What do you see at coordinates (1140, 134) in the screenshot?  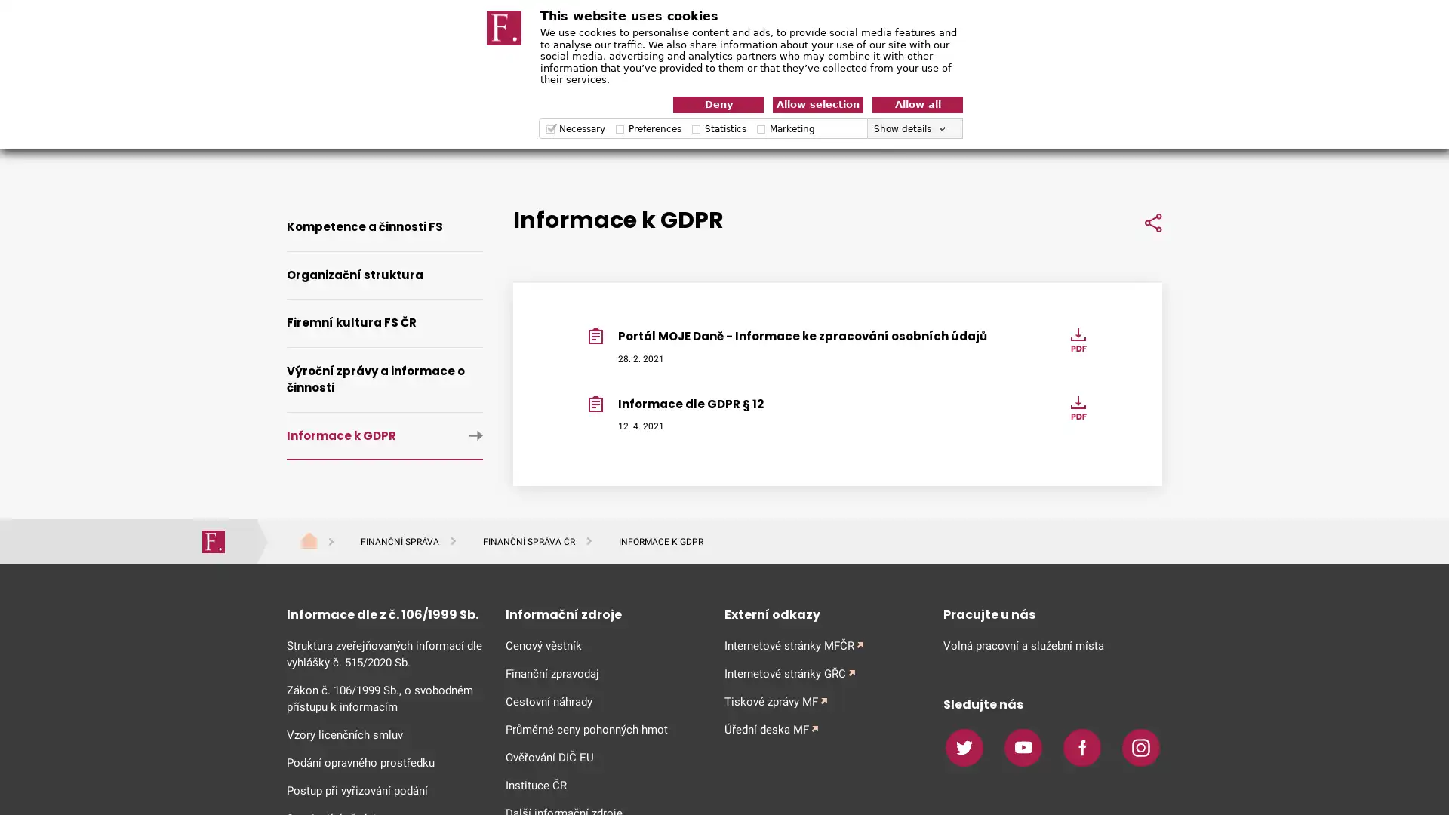 I see `Hledat` at bounding box center [1140, 134].